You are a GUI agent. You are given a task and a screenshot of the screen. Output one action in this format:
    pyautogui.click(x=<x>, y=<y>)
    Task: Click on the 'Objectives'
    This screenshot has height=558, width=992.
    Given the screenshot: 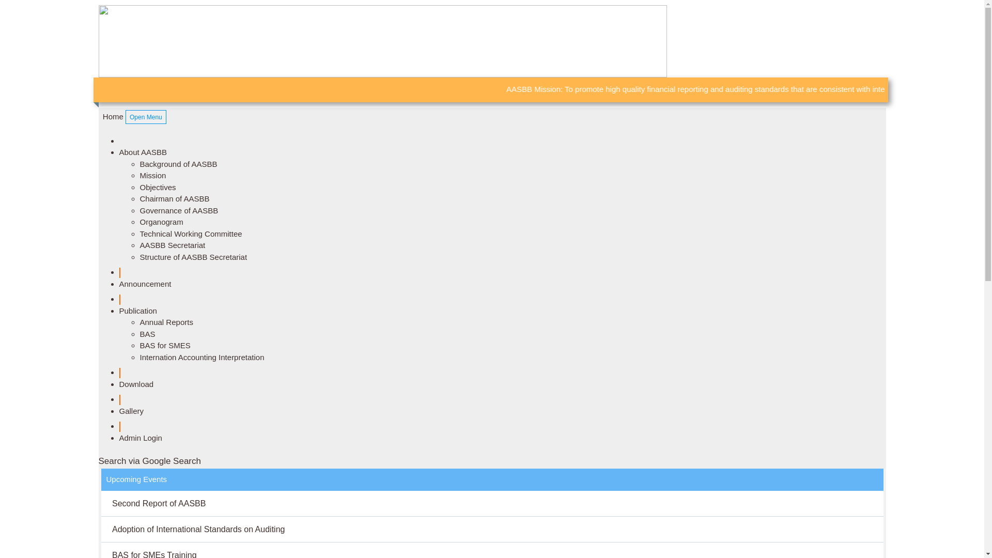 What is the action you would take?
    pyautogui.click(x=138, y=187)
    